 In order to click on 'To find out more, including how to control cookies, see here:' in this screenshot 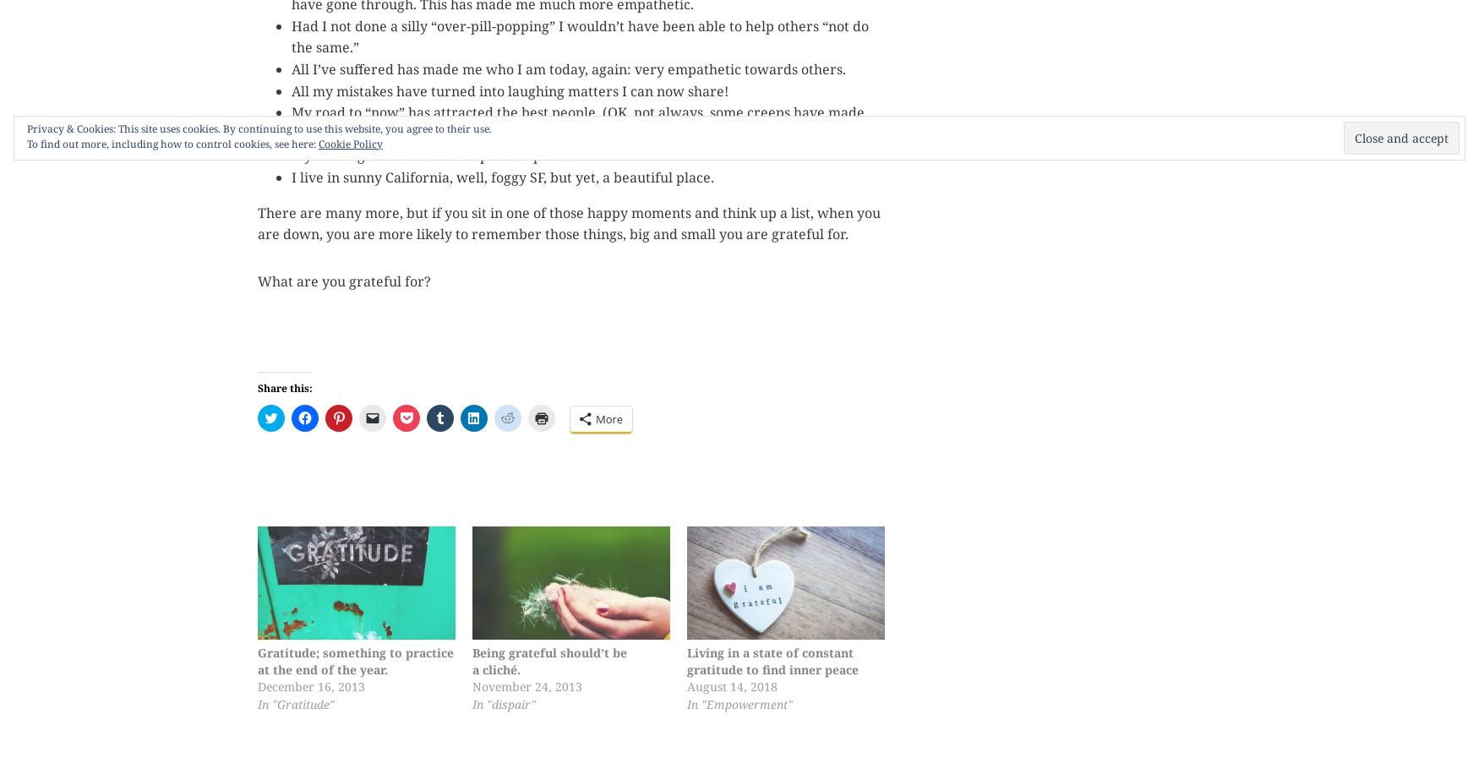, I will do `click(172, 143)`.